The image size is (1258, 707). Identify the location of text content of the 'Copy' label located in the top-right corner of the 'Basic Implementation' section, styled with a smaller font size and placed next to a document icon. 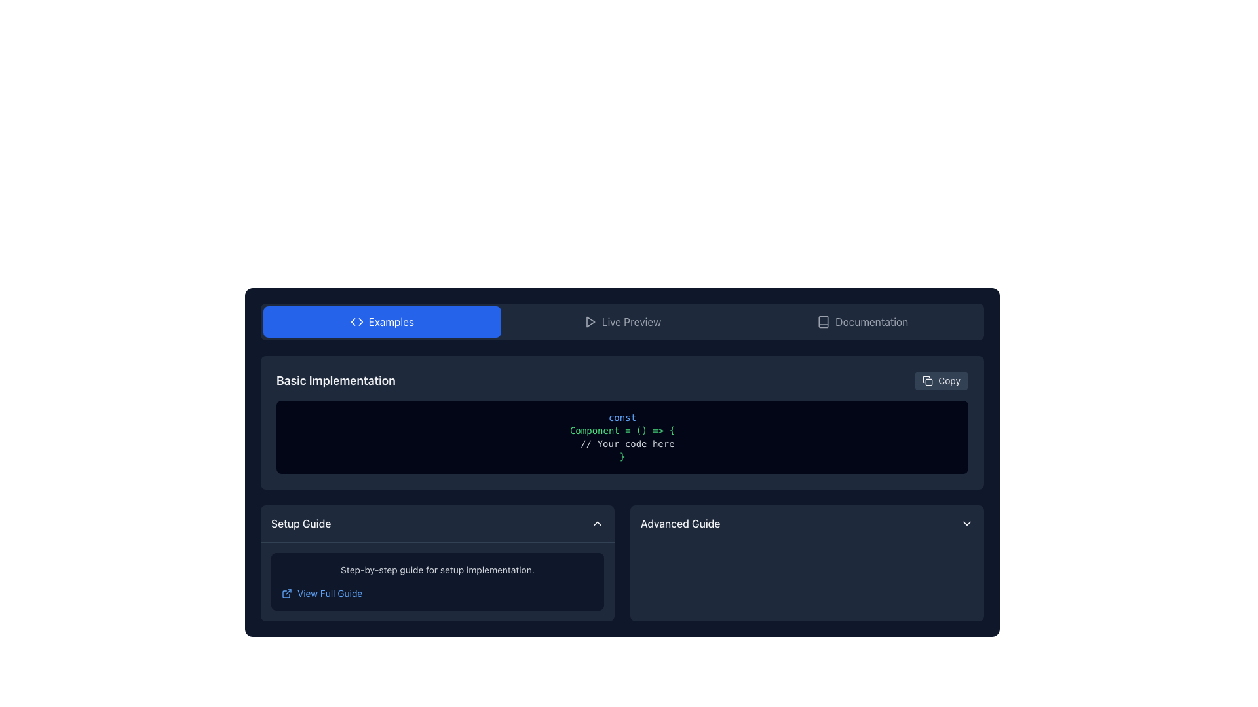
(949, 381).